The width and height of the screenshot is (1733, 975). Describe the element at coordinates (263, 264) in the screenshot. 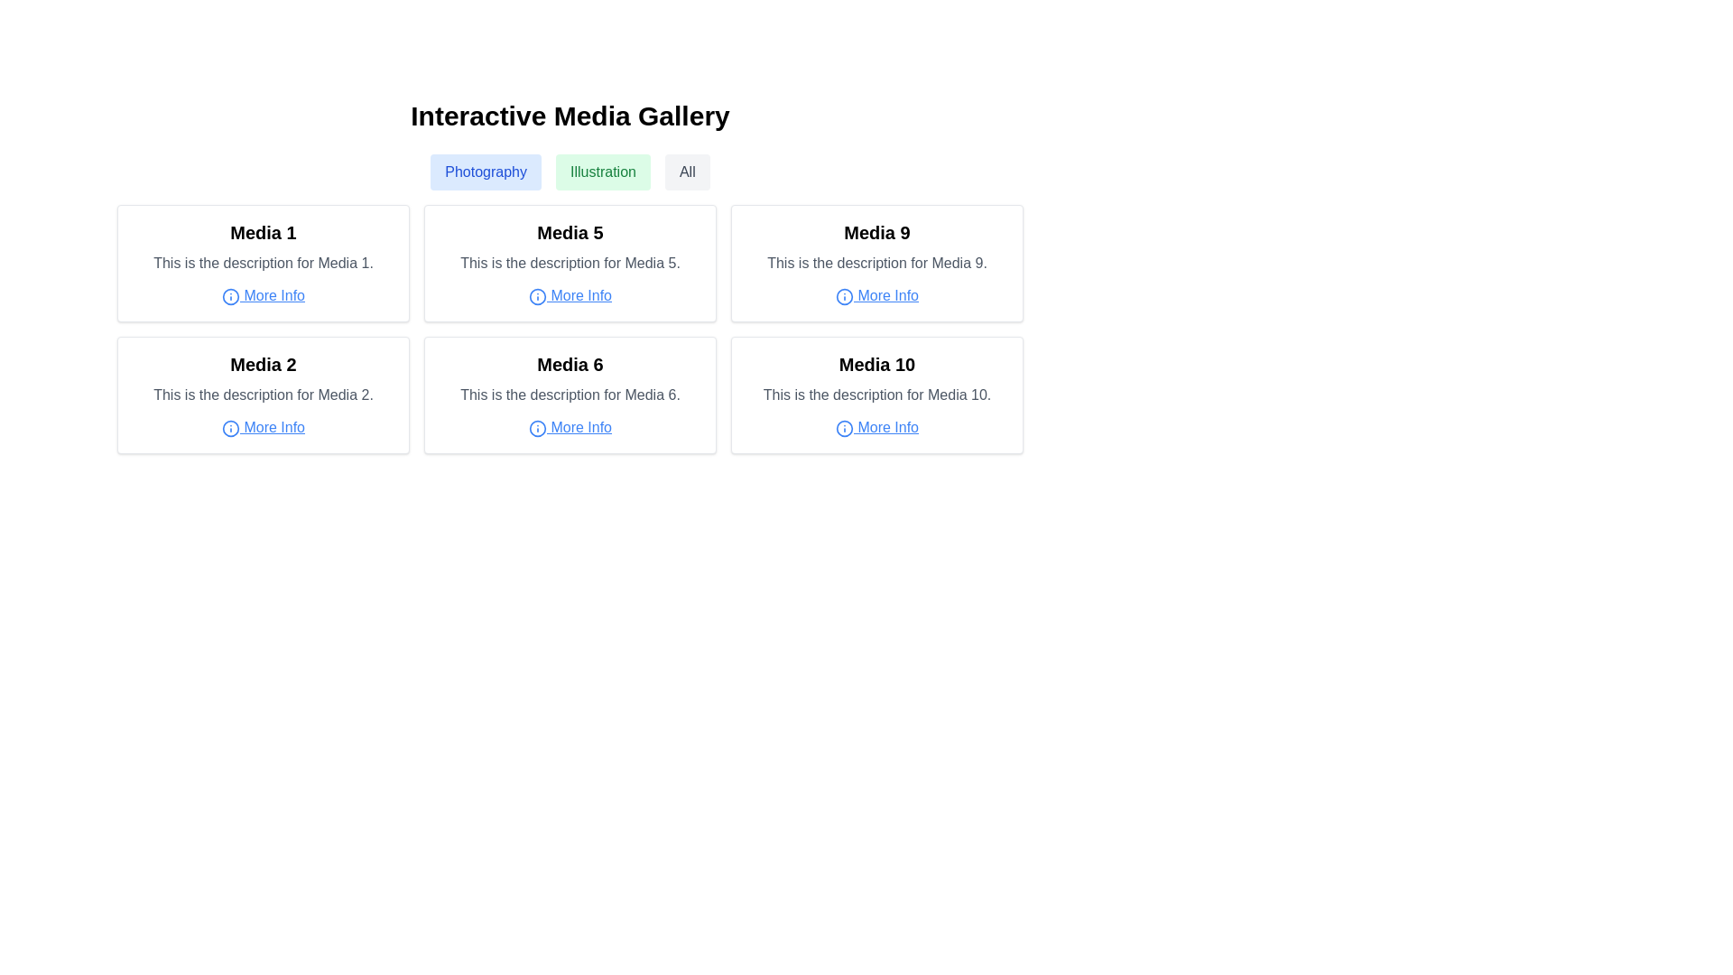

I see `title 'Media 1' or the description 'This is the description for Media 1' from the Information card located in the top-left section of the grid layout` at that location.